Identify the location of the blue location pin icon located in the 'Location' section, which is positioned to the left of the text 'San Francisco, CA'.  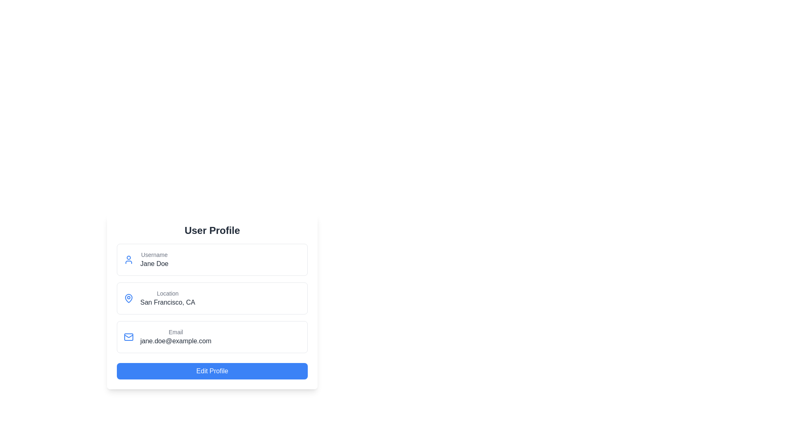
(128, 298).